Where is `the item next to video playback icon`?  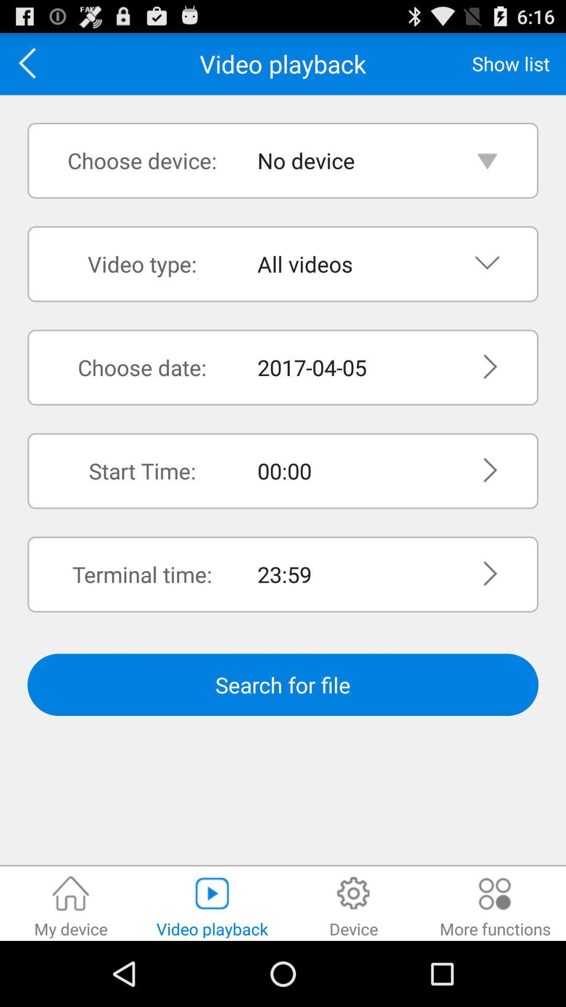 the item next to video playback icon is located at coordinates (510, 63).